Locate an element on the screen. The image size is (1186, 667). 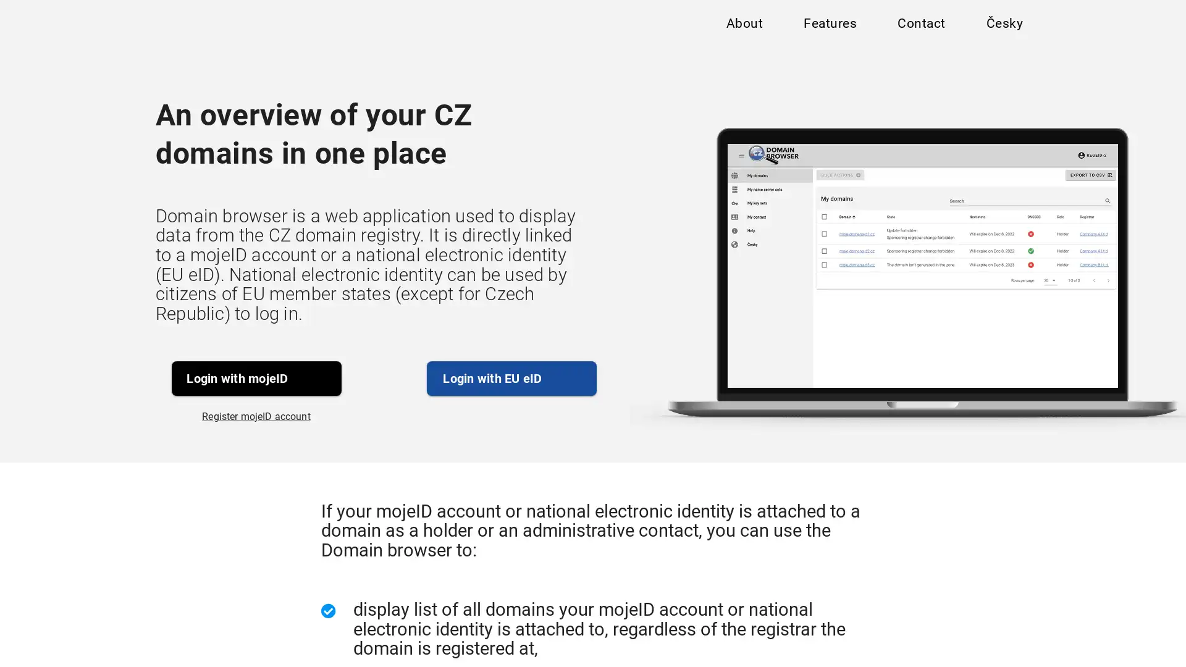
Cesky is located at coordinates (1004, 26).